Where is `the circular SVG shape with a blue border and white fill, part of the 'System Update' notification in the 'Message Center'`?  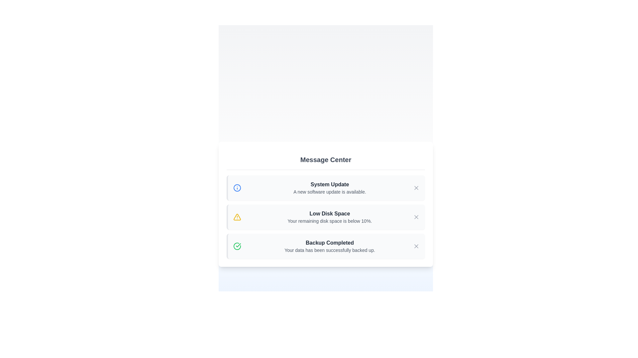
the circular SVG shape with a blue border and white fill, part of the 'System Update' notification in the 'Message Center' is located at coordinates (237, 188).